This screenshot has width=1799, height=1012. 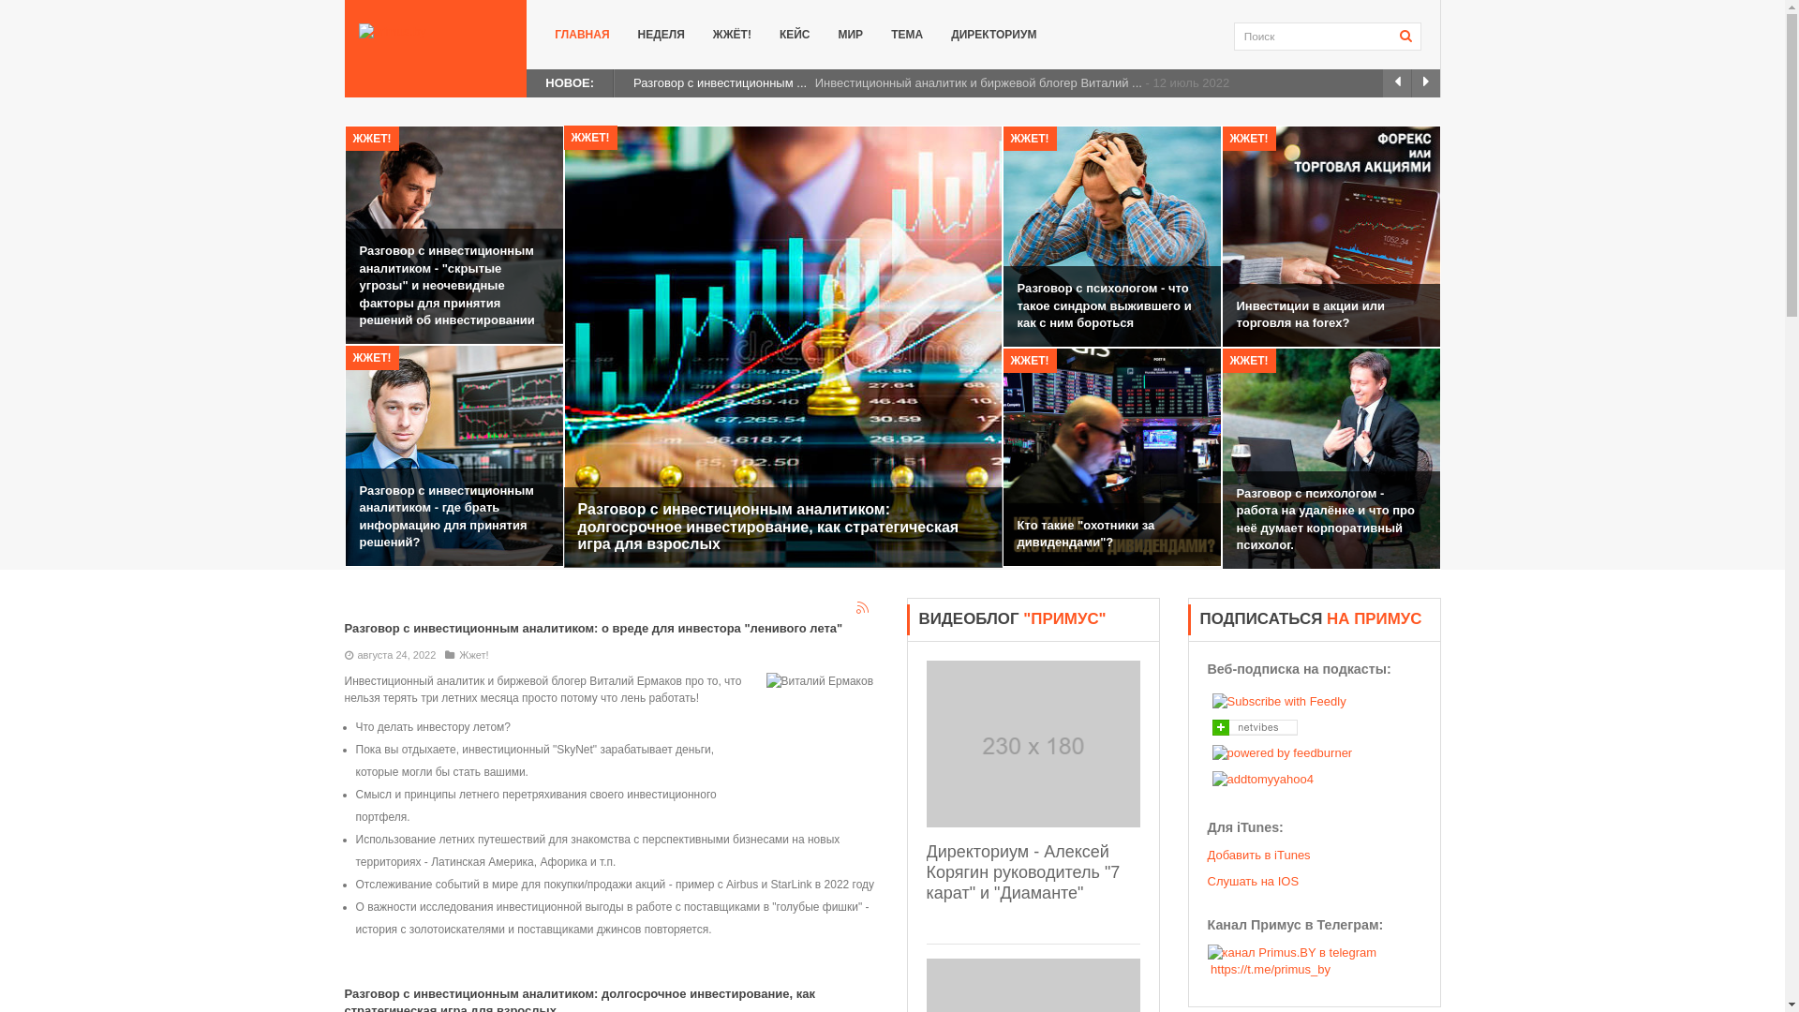 I want to click on 'primus.by', so click(x=434, y=32).